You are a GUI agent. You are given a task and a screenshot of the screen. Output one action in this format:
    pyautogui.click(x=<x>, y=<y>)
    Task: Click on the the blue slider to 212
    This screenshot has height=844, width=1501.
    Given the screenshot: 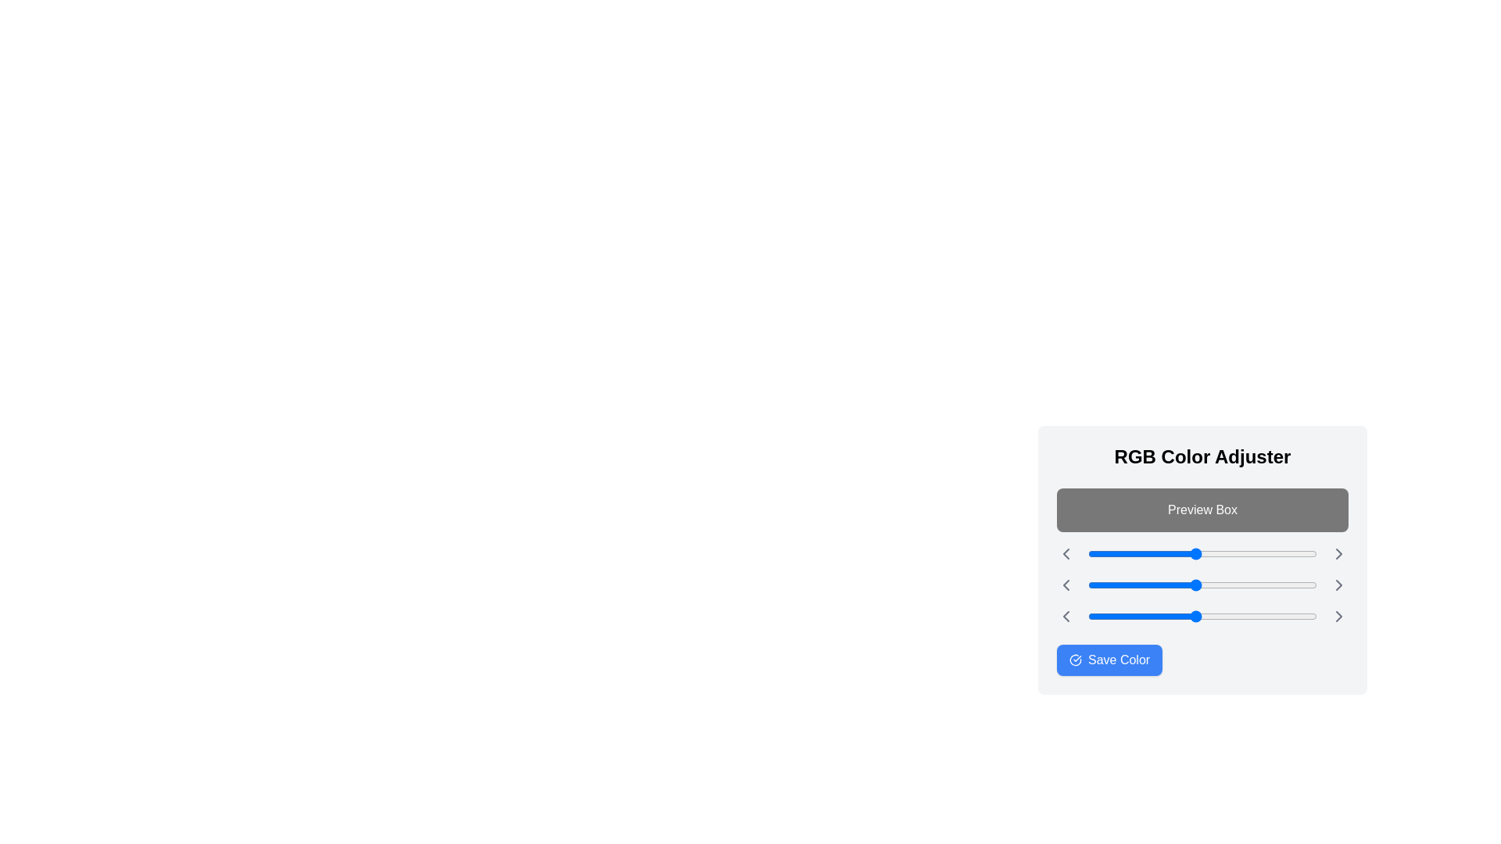 What is the action you would take?
    pyautogui.click(x=1278, y=616)
    